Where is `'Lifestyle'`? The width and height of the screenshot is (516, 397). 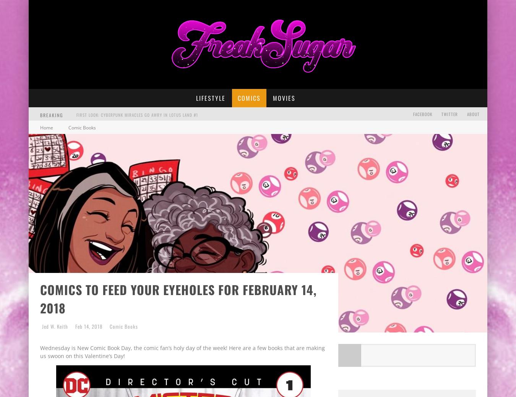
'Lifestyle' is located at coordinates (210, 98).